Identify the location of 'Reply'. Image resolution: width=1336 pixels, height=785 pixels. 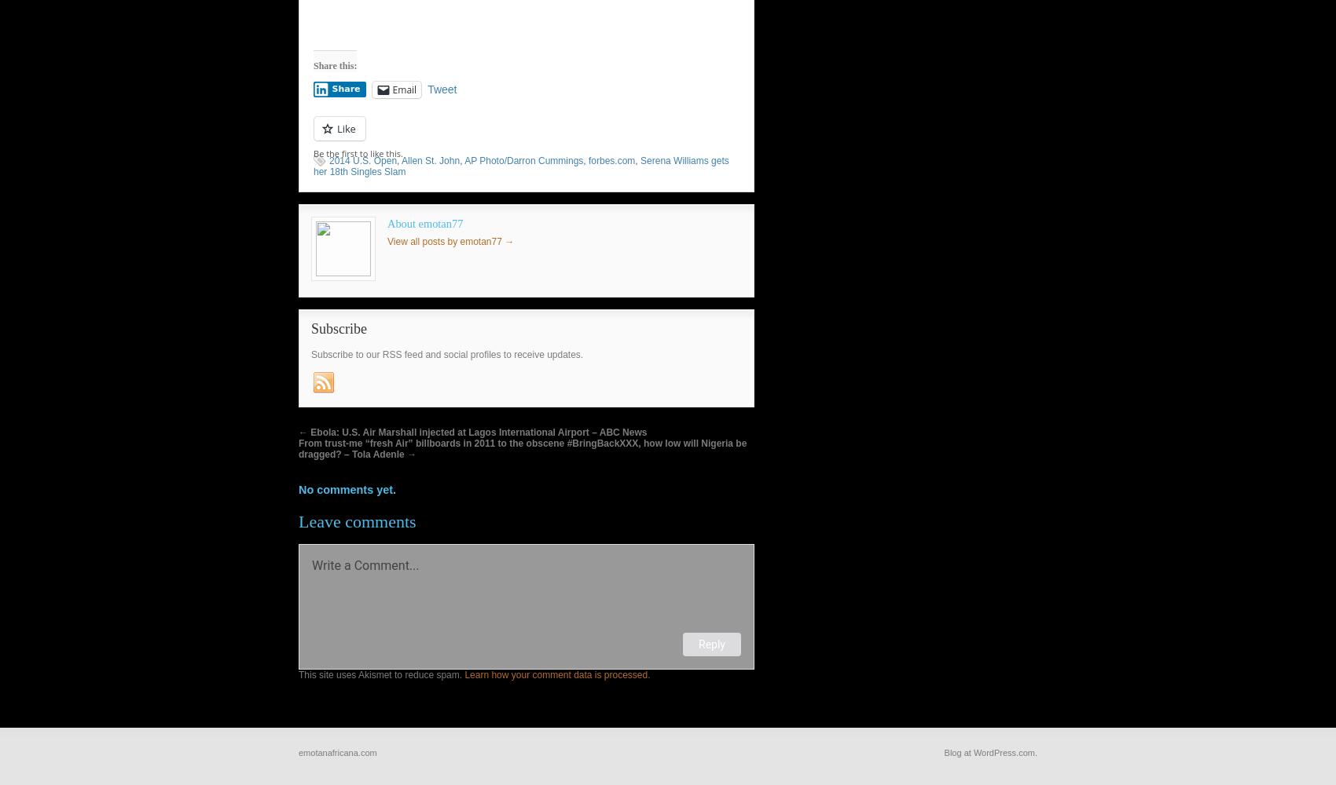
(711, 643).